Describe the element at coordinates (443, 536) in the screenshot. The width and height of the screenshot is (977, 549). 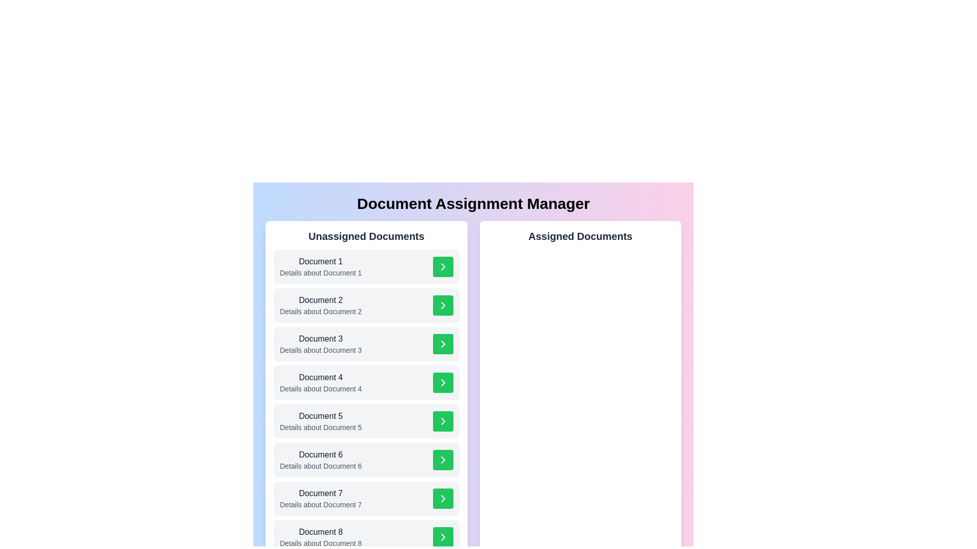
I see `the right-pointing chevron icon within the green button located to the far right of the card labeled 'Document 8' in the 'Unassigned Documents' section` at that location.